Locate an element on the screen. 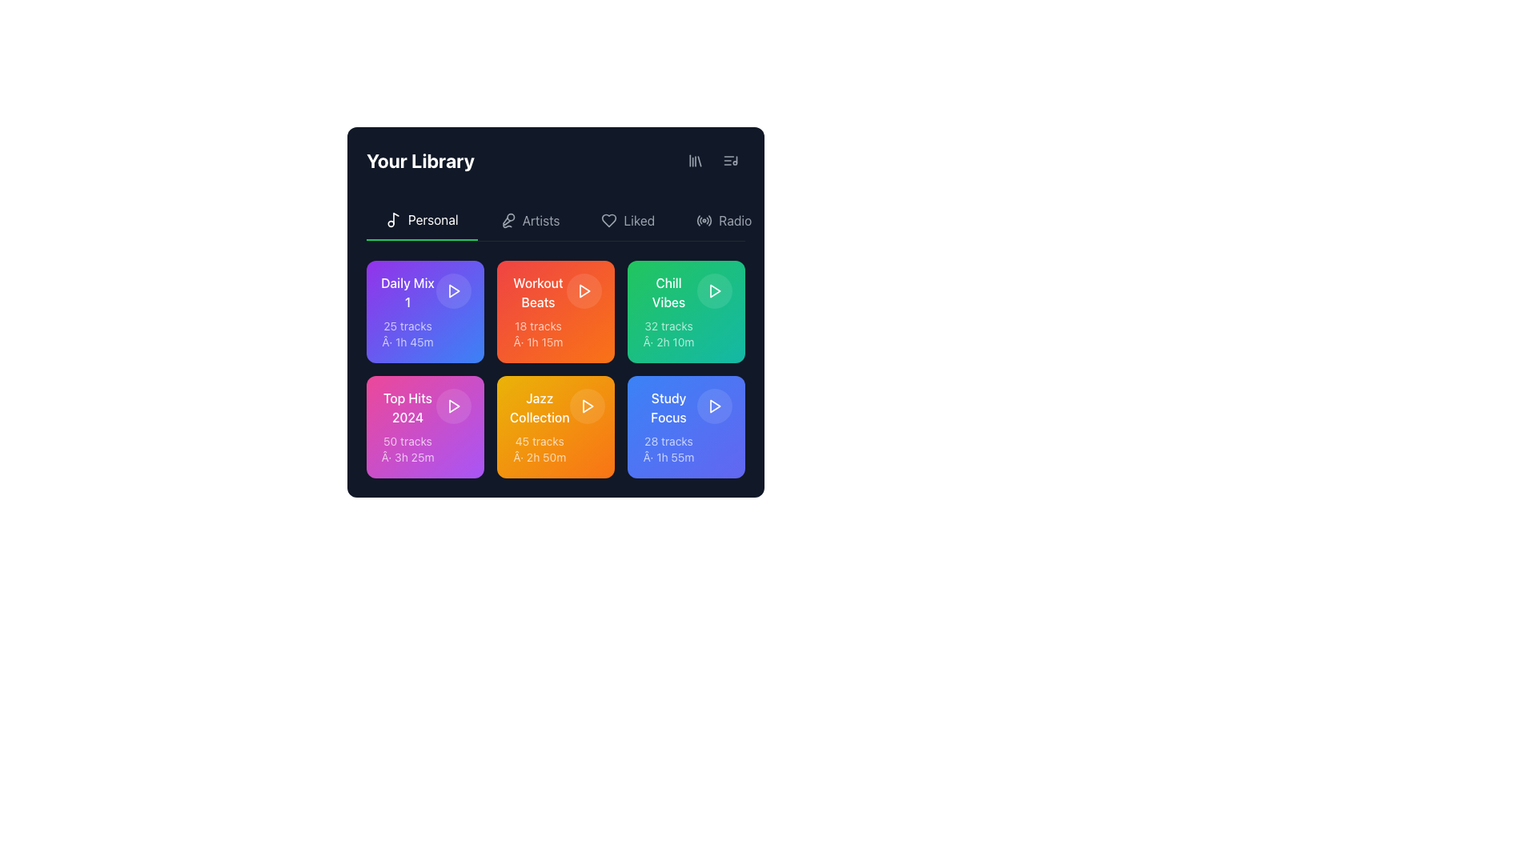  the Text label displaying '45 tracks Â· 2h 50m' located below the title 'Jazz Collection' in the colorful card layout of the 'Your Library' interface is located at coordinates (540, 450).